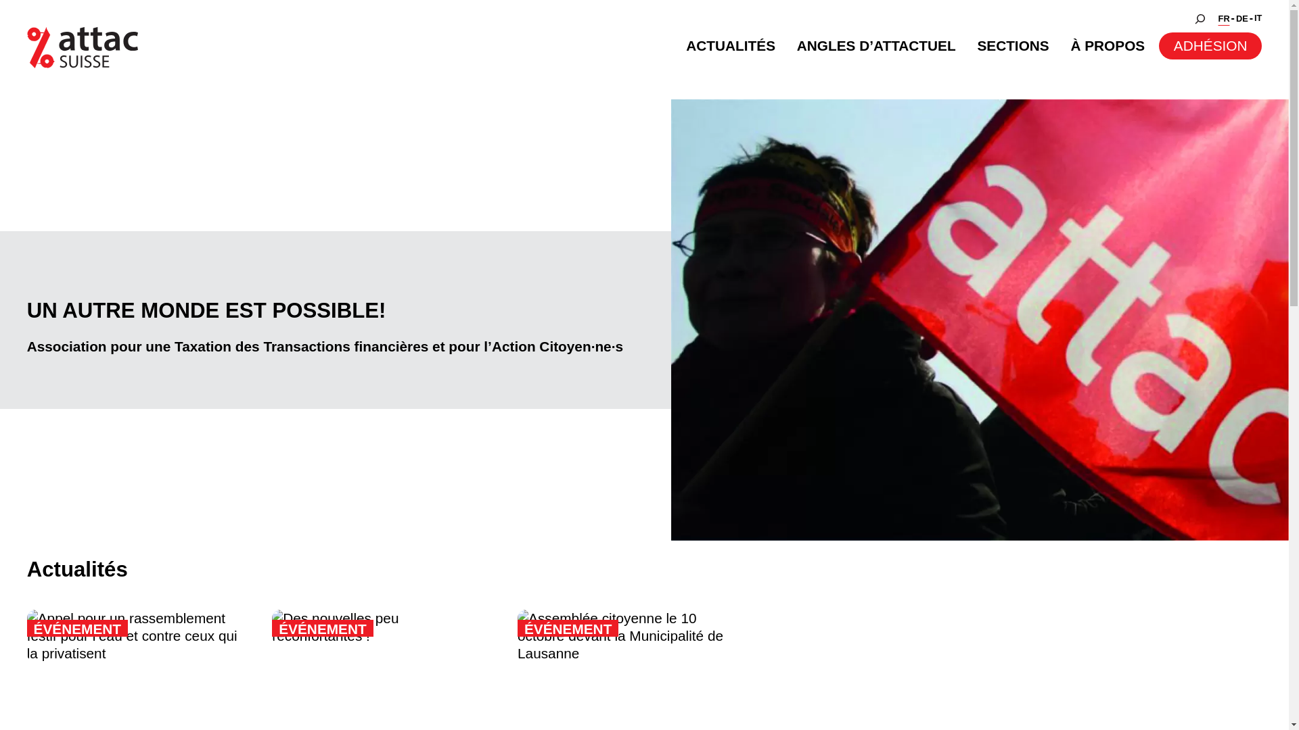 Image resolution: width=1299 pixels, height=730 pixels. What do you see at coordinates (1013, 45) in the screenshot?
I see `'SECTIONS'` at bounding box center [1013, 45].